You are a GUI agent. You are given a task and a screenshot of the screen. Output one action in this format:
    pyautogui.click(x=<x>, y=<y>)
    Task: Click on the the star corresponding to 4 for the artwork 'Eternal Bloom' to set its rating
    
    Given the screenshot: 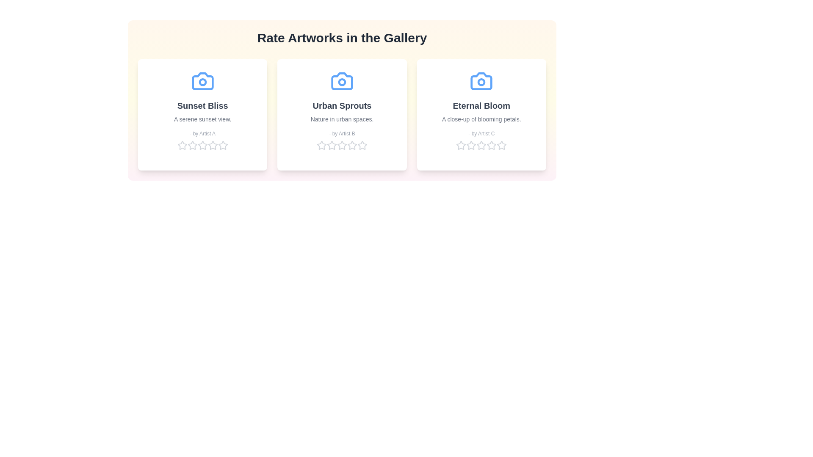 What is the action you would take?
    pyautogui.click(x=492, y=145)
    